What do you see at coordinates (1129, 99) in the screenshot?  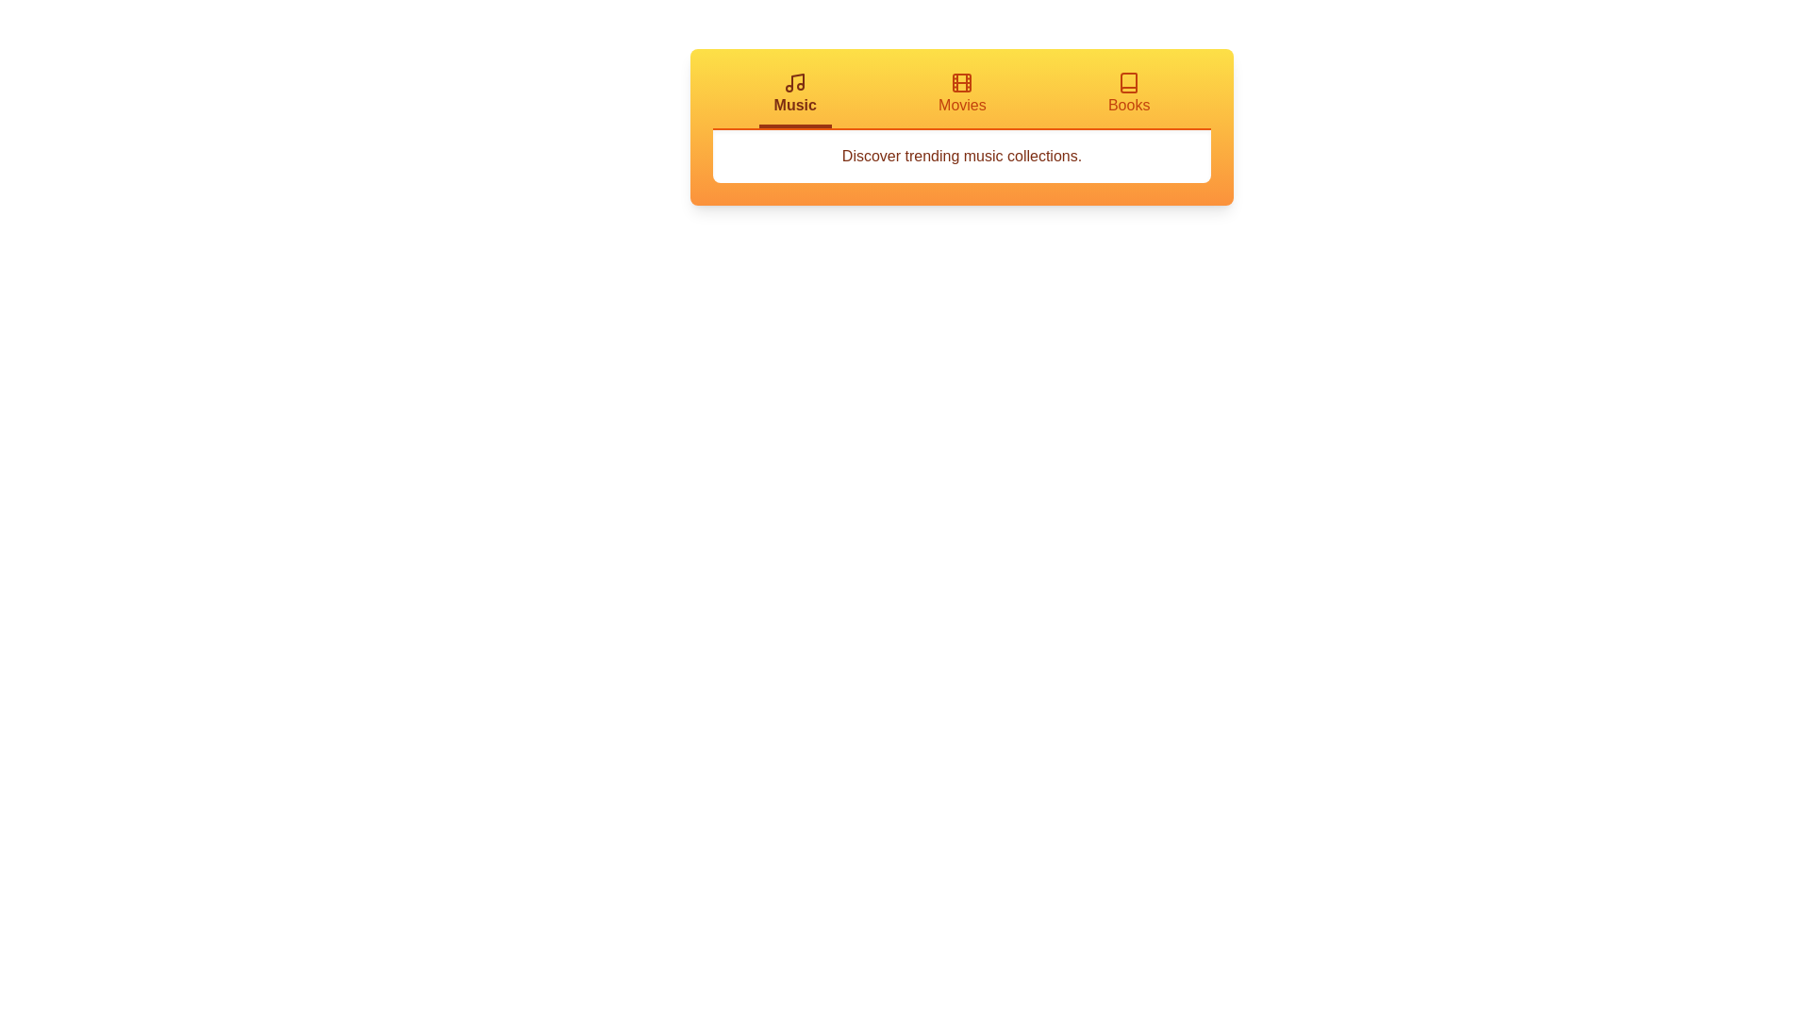 I see `the Books tab to switch to it` at bounding box center [1129, 99].